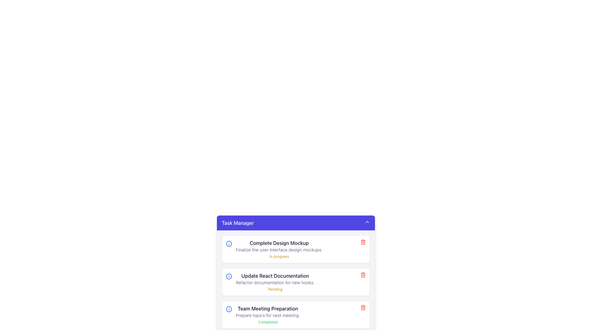 This screenshot has height=334, width=595. Describe the element at coordinates (268, 309) in the screenshot. I see `text from the bold label displaying 'Team Meeting Preparation' in the task list titled 'Task Manager', specifically located in the third task item` at that location.